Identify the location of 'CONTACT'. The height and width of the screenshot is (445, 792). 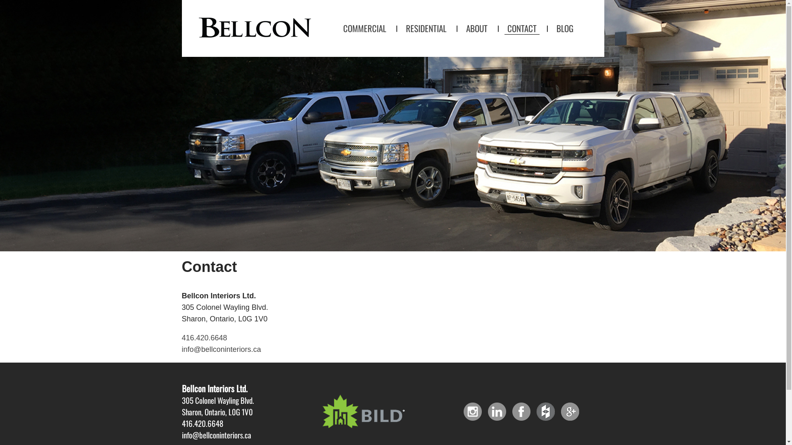
(521, 28).